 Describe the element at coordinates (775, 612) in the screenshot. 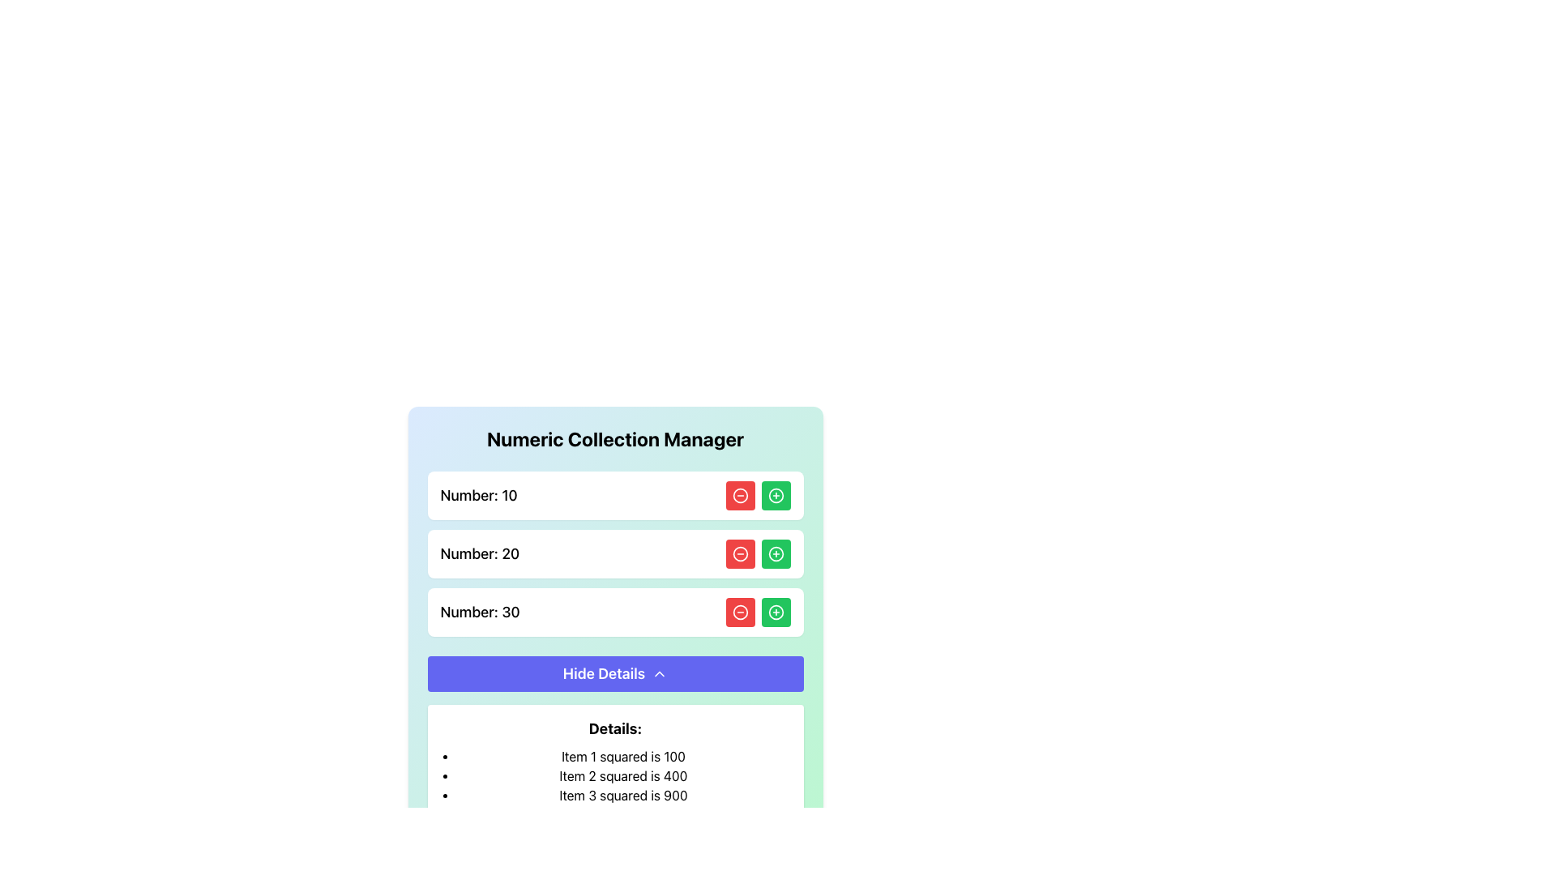

I see `the button that adds a new item to the list associated with the 'Number: 30' entry, located to the right of the 'Number: 30' text field` at that location.